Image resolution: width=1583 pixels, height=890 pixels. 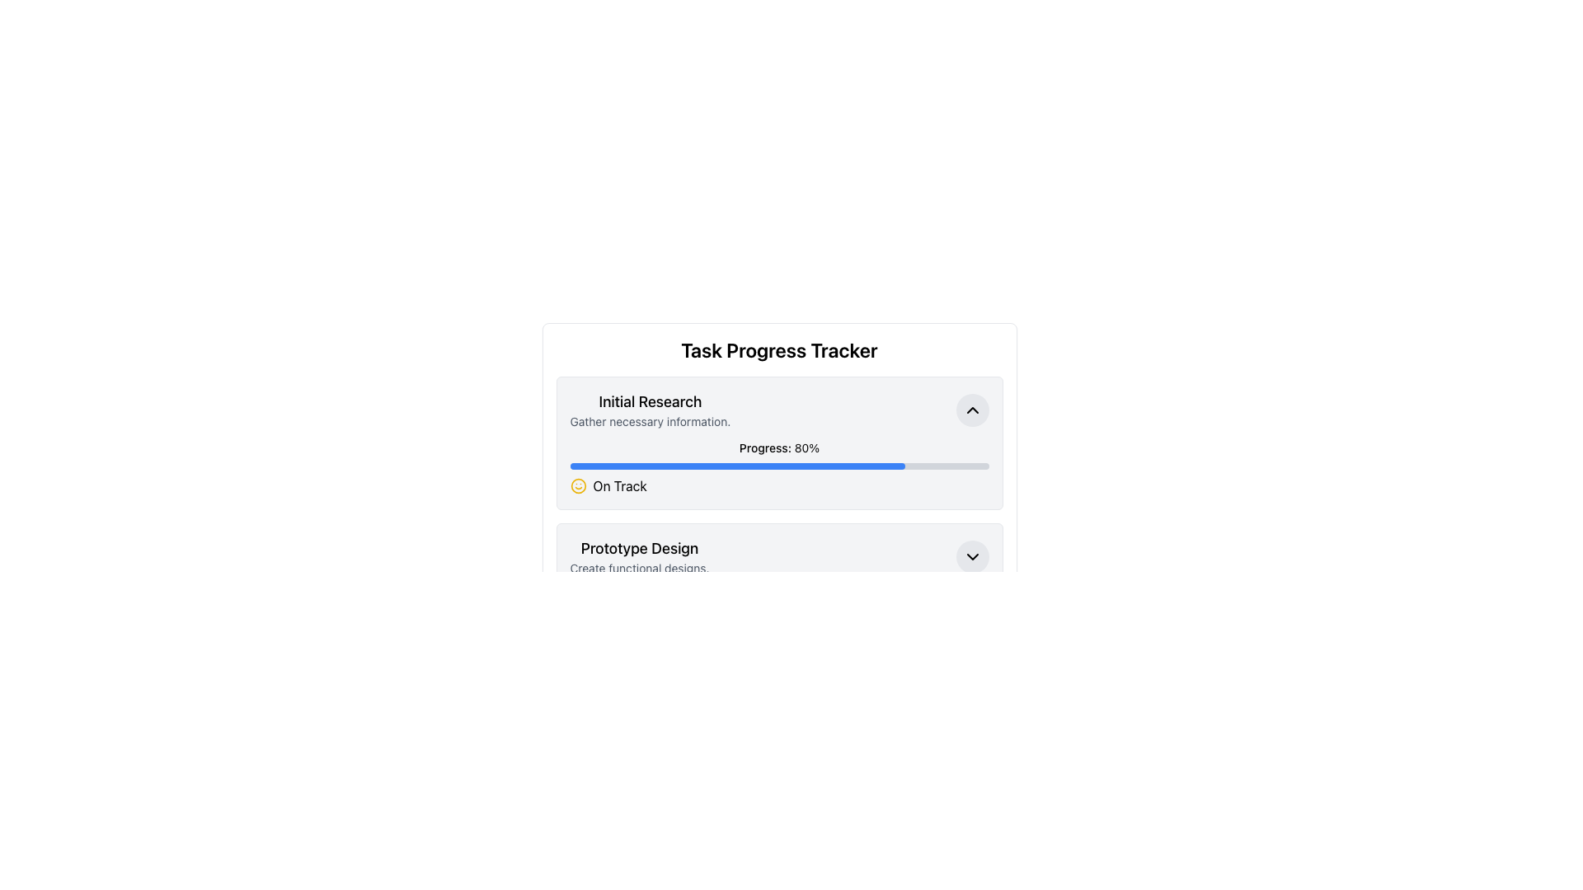 What do you see at coordinates (778, 447) in the screenshot?
I see `progress percentage displayed in the text label located in the middle of the 'Initial Research' section, directly above the blue progress bar` at bounding box center [778, 447].